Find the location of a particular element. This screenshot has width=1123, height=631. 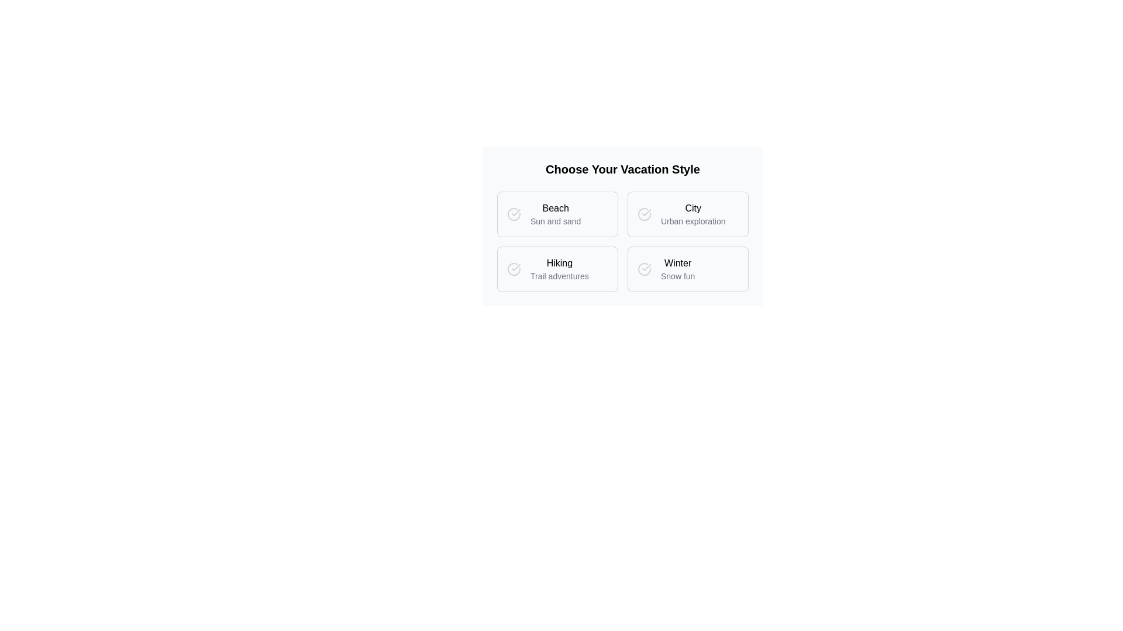

descriptive text label located underneath the 'Winter' title in the bottom-right quadrant of the layout within the 'Winter' card of the vacation style selector section is located at coordinates (678, 276).